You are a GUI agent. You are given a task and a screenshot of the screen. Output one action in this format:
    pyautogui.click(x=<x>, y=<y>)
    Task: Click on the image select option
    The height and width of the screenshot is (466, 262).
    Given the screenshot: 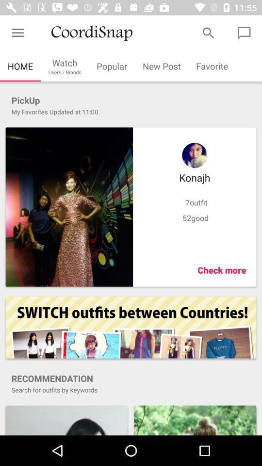 What is the action you would take?
    pyautogui.click(x=68, y=207)
    